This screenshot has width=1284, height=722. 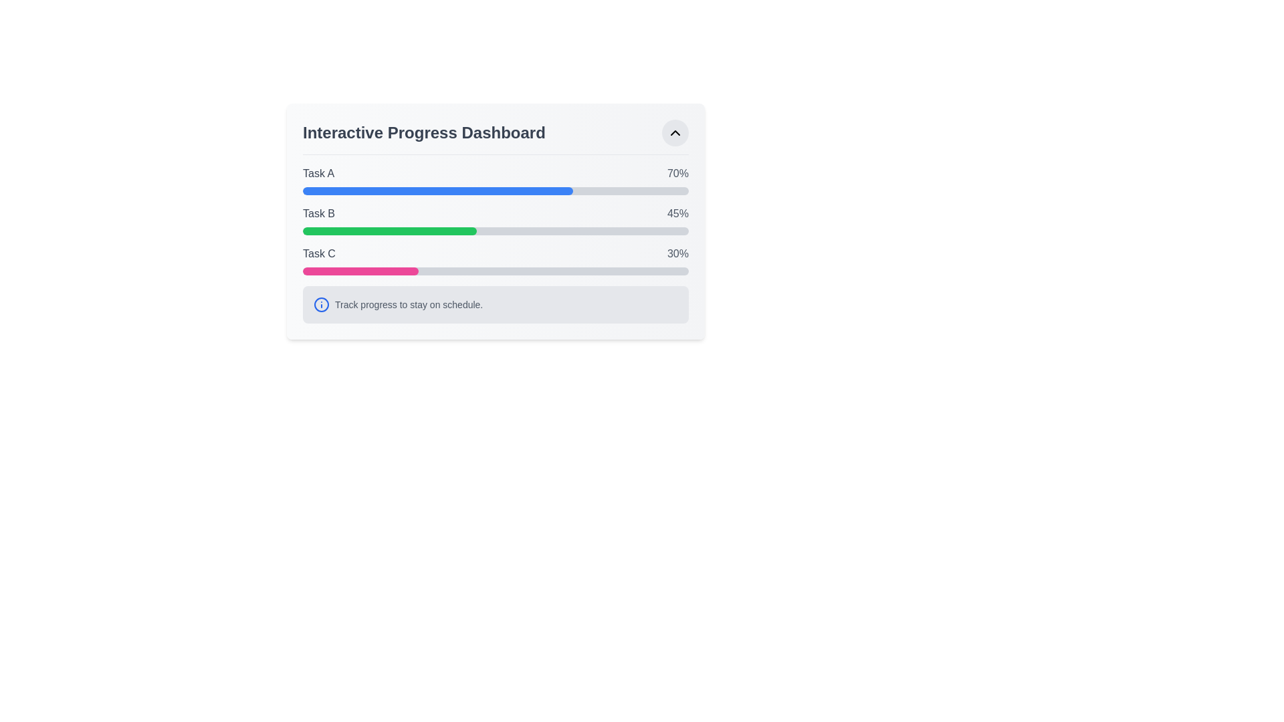 I want to click on the visual representation of the Progress bar segment indicating the completion level of 'Task C', positioned below the header 'Interactive Progress Dashboard' and to the left of the '30%' percentage indicator, so click(x=360, y=271).